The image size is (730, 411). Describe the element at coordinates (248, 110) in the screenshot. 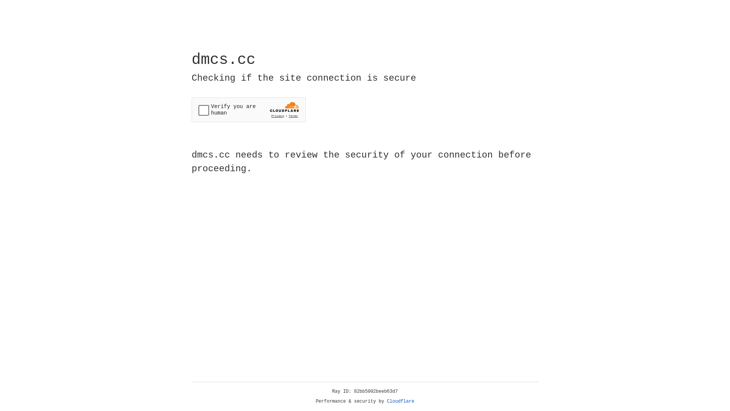

I see `'Widget containing a Cloudflare security challenge'` at that location.